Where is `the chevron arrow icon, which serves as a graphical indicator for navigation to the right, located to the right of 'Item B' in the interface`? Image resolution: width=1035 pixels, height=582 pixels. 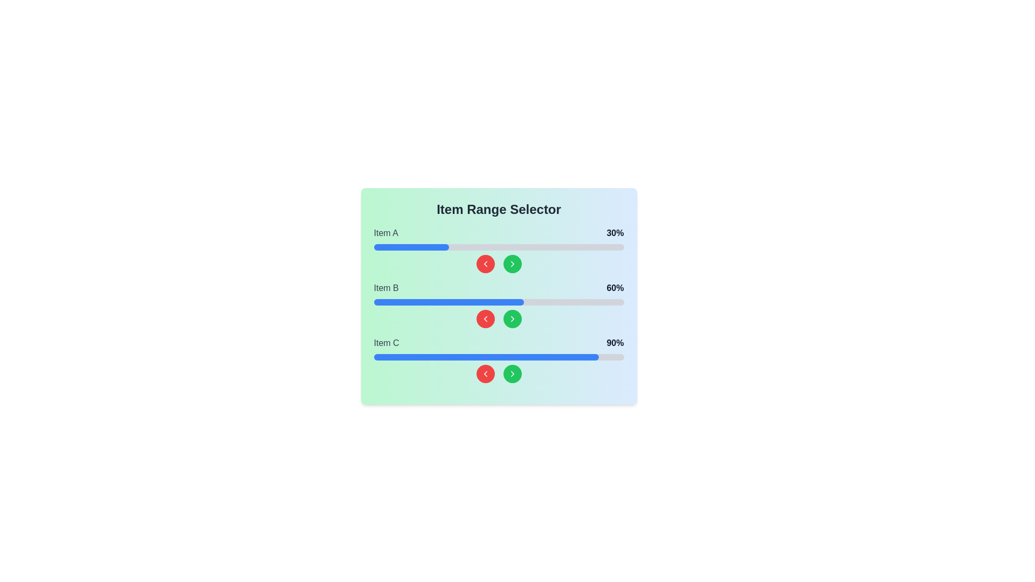 the chevron arrow icon, which serves as a graphical indicator for navigation to the right, located to the right of 'Item B' in the interface is located at coordinates (512, 264).